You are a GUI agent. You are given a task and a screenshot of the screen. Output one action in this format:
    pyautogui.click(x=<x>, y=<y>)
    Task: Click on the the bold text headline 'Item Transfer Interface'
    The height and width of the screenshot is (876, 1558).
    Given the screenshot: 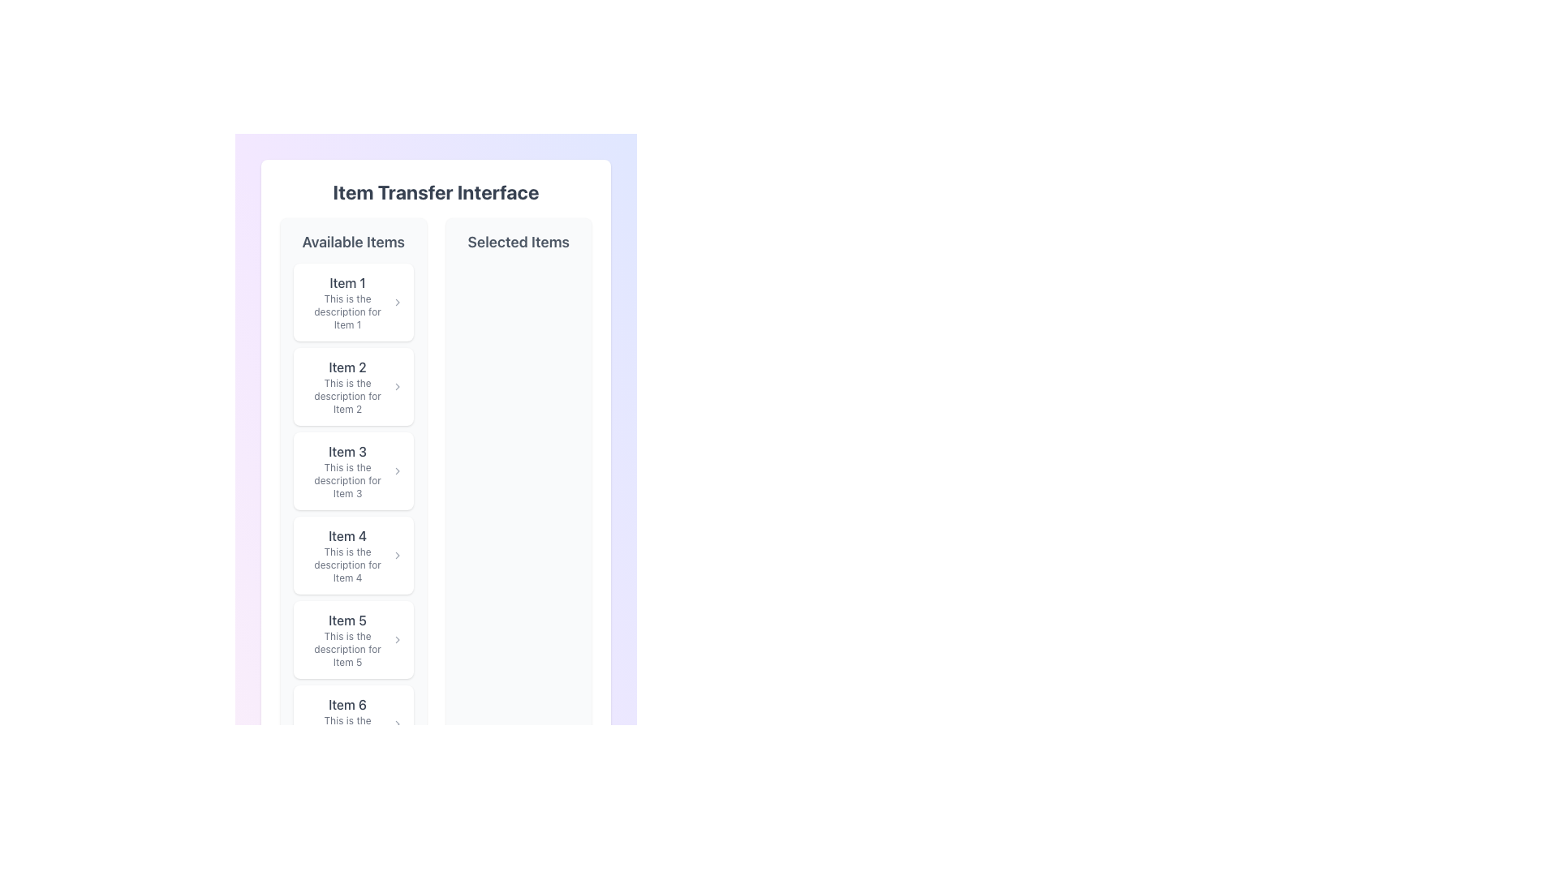 What is the action you would take?
    pyautogui.click(x=436, y=191)
    